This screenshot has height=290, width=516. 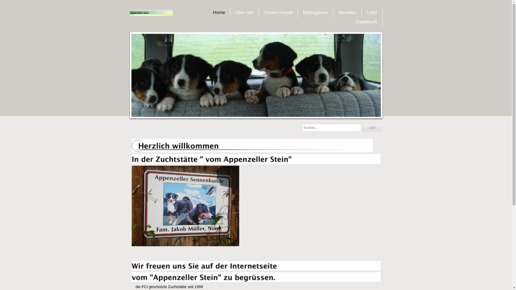 What do you see at coordinates (219, 12) in the screenshot?
I see `'Home'` at bounding box center [219, 12].